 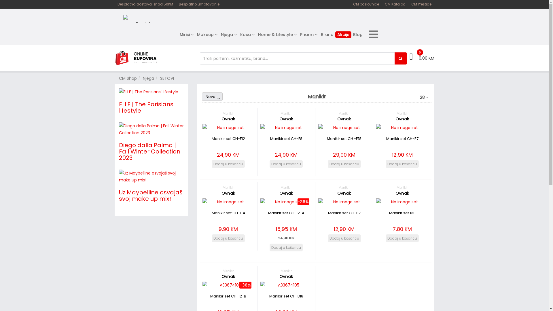 I want to click on 'Makeup', so click(x=207, y=35).